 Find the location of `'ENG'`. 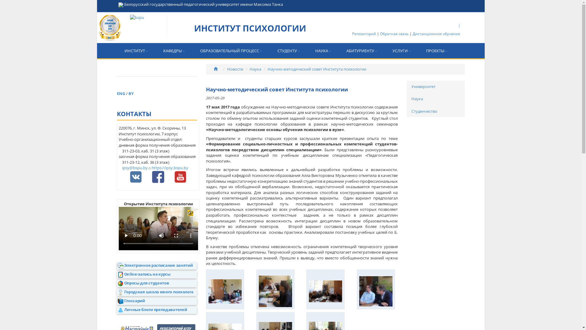

'ENG' is located at coordinates (121, 93).